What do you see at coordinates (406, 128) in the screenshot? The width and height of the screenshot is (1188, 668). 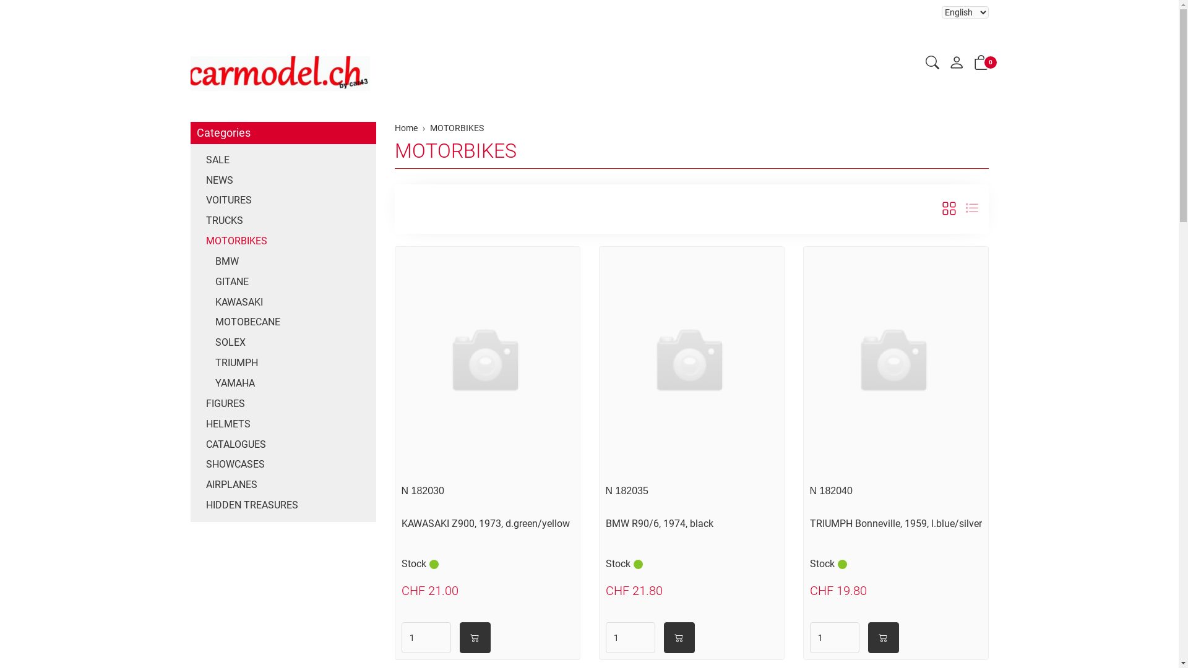 I see `'Home'` at bounding box center [406, 128].